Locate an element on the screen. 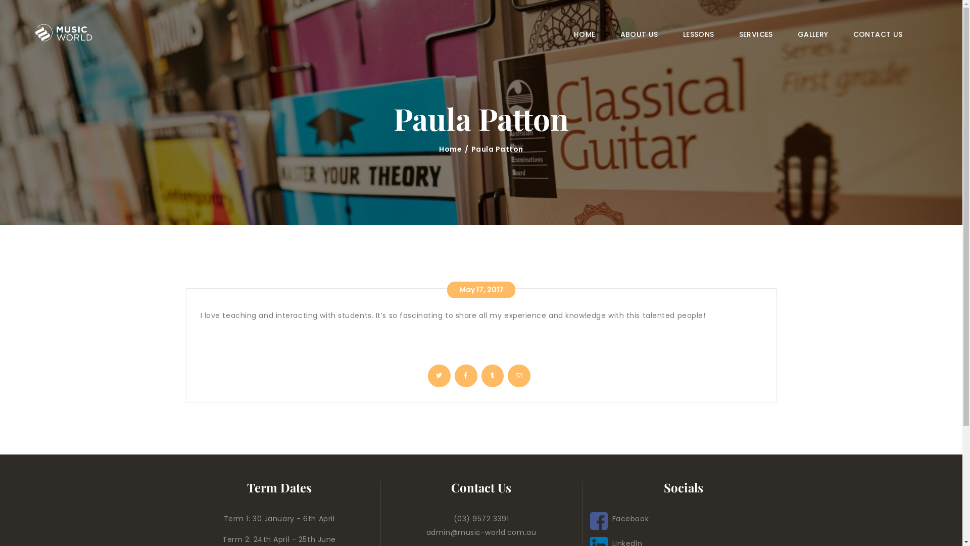 This screenshot has width=970, height=546. 'ABOUT US' is located at coordinates (639, 34).